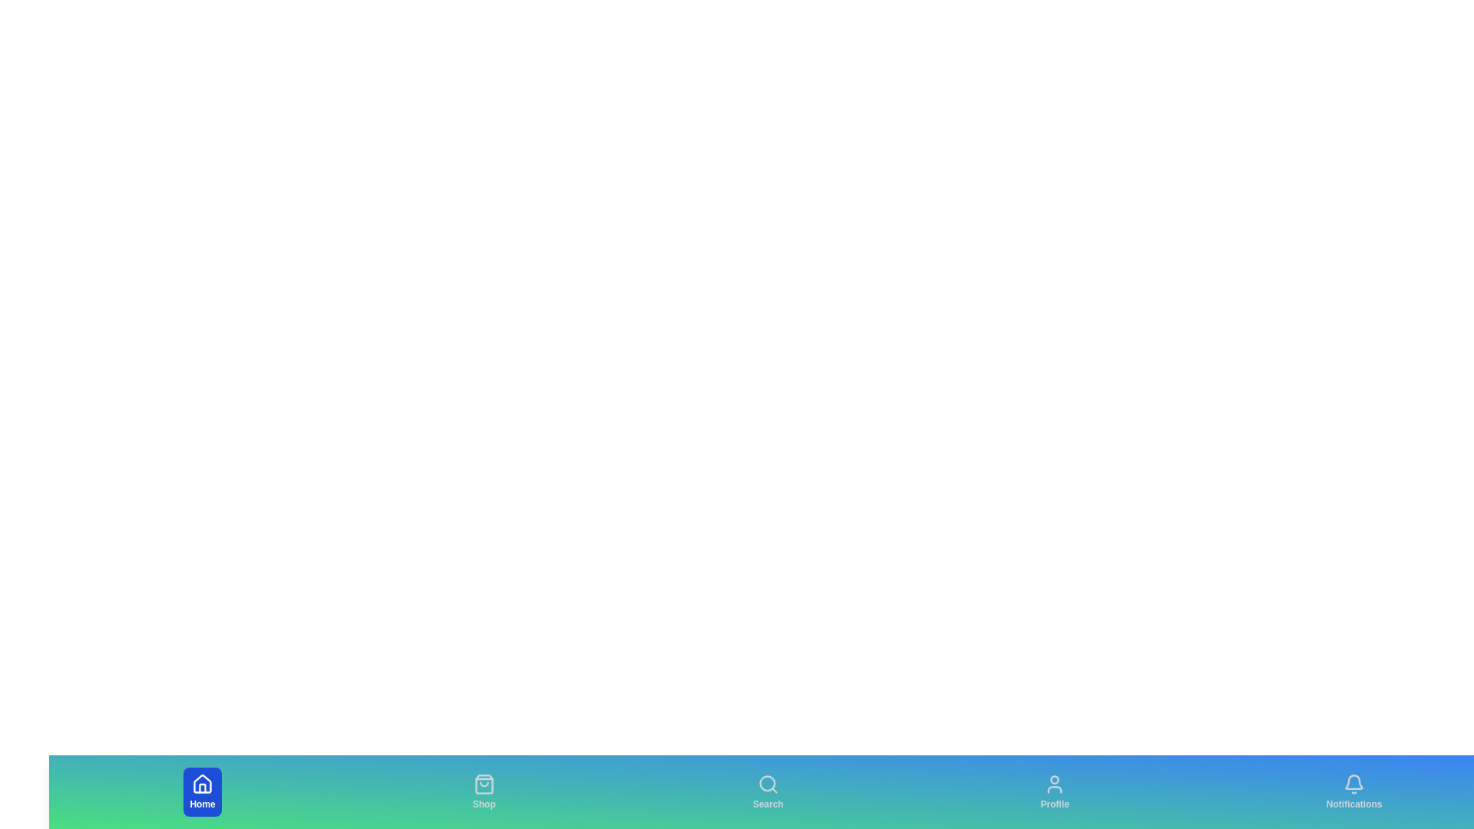 The height and width of the screenshot is (829, 1474). Describe the element at coordinates (202, 792) in the screenshot. I see `the Home tab to select it` at that location.